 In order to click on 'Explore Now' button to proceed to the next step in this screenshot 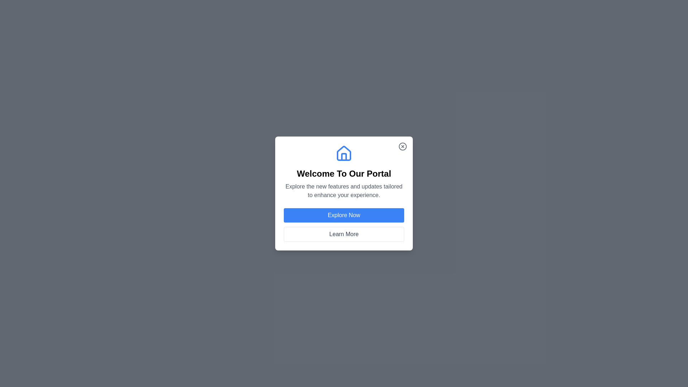, I will do `click(344, 215)`.